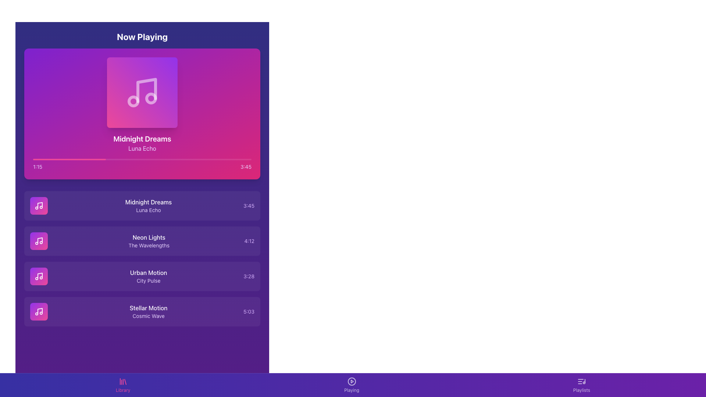  I want to click on the central musical note icon styled with a gradient from purple to pink, which is the first item in the list displayed vertically below the main player section, so click(38, 205).